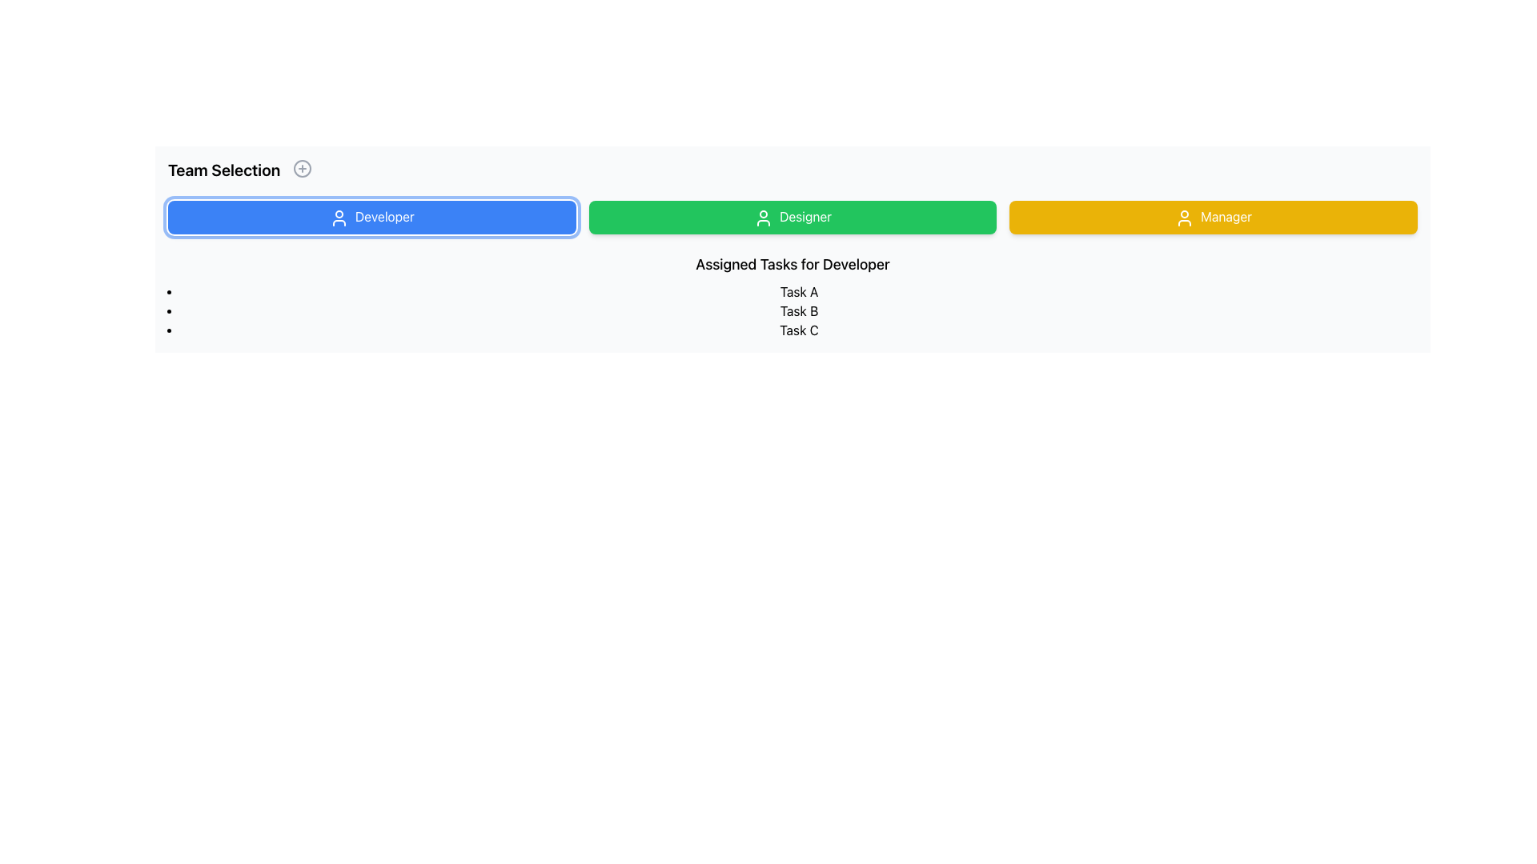  I want to click on the 'Designer' button in the 'Team Selection' section, so click(793, 217).